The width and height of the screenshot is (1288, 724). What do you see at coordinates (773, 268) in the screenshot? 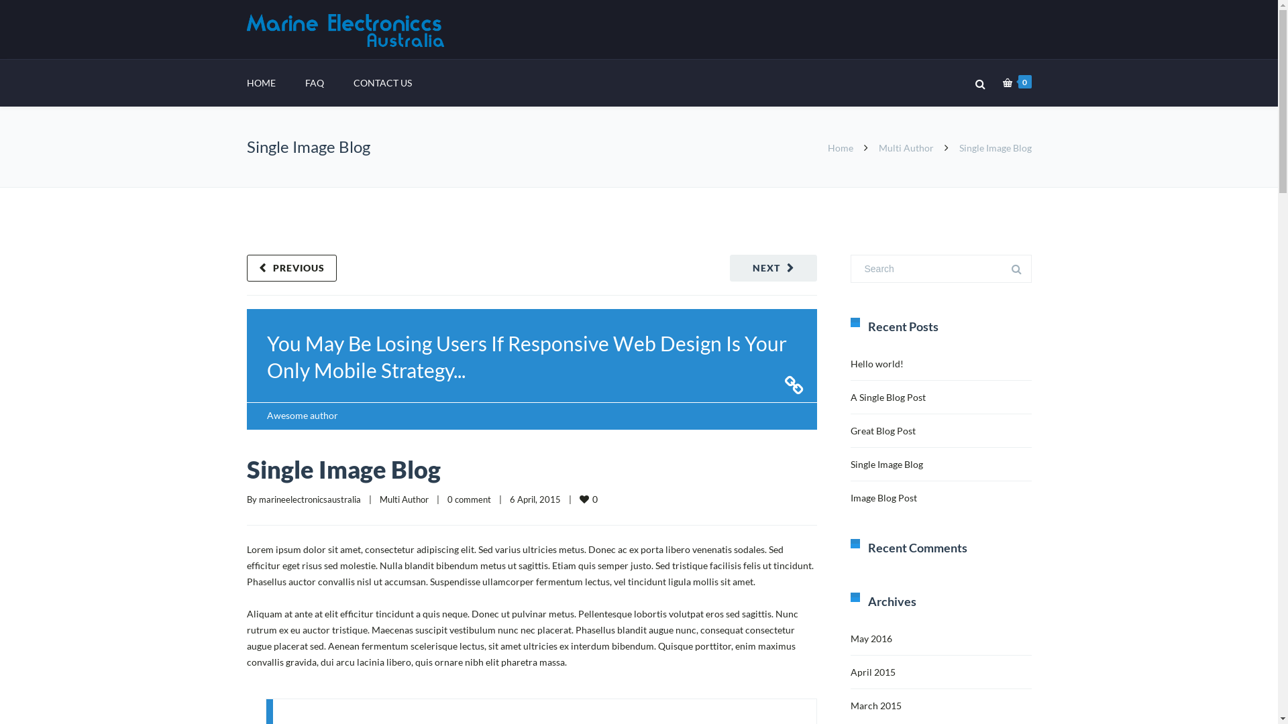
I see `'NEXT'` at bounding box center [773, 268].